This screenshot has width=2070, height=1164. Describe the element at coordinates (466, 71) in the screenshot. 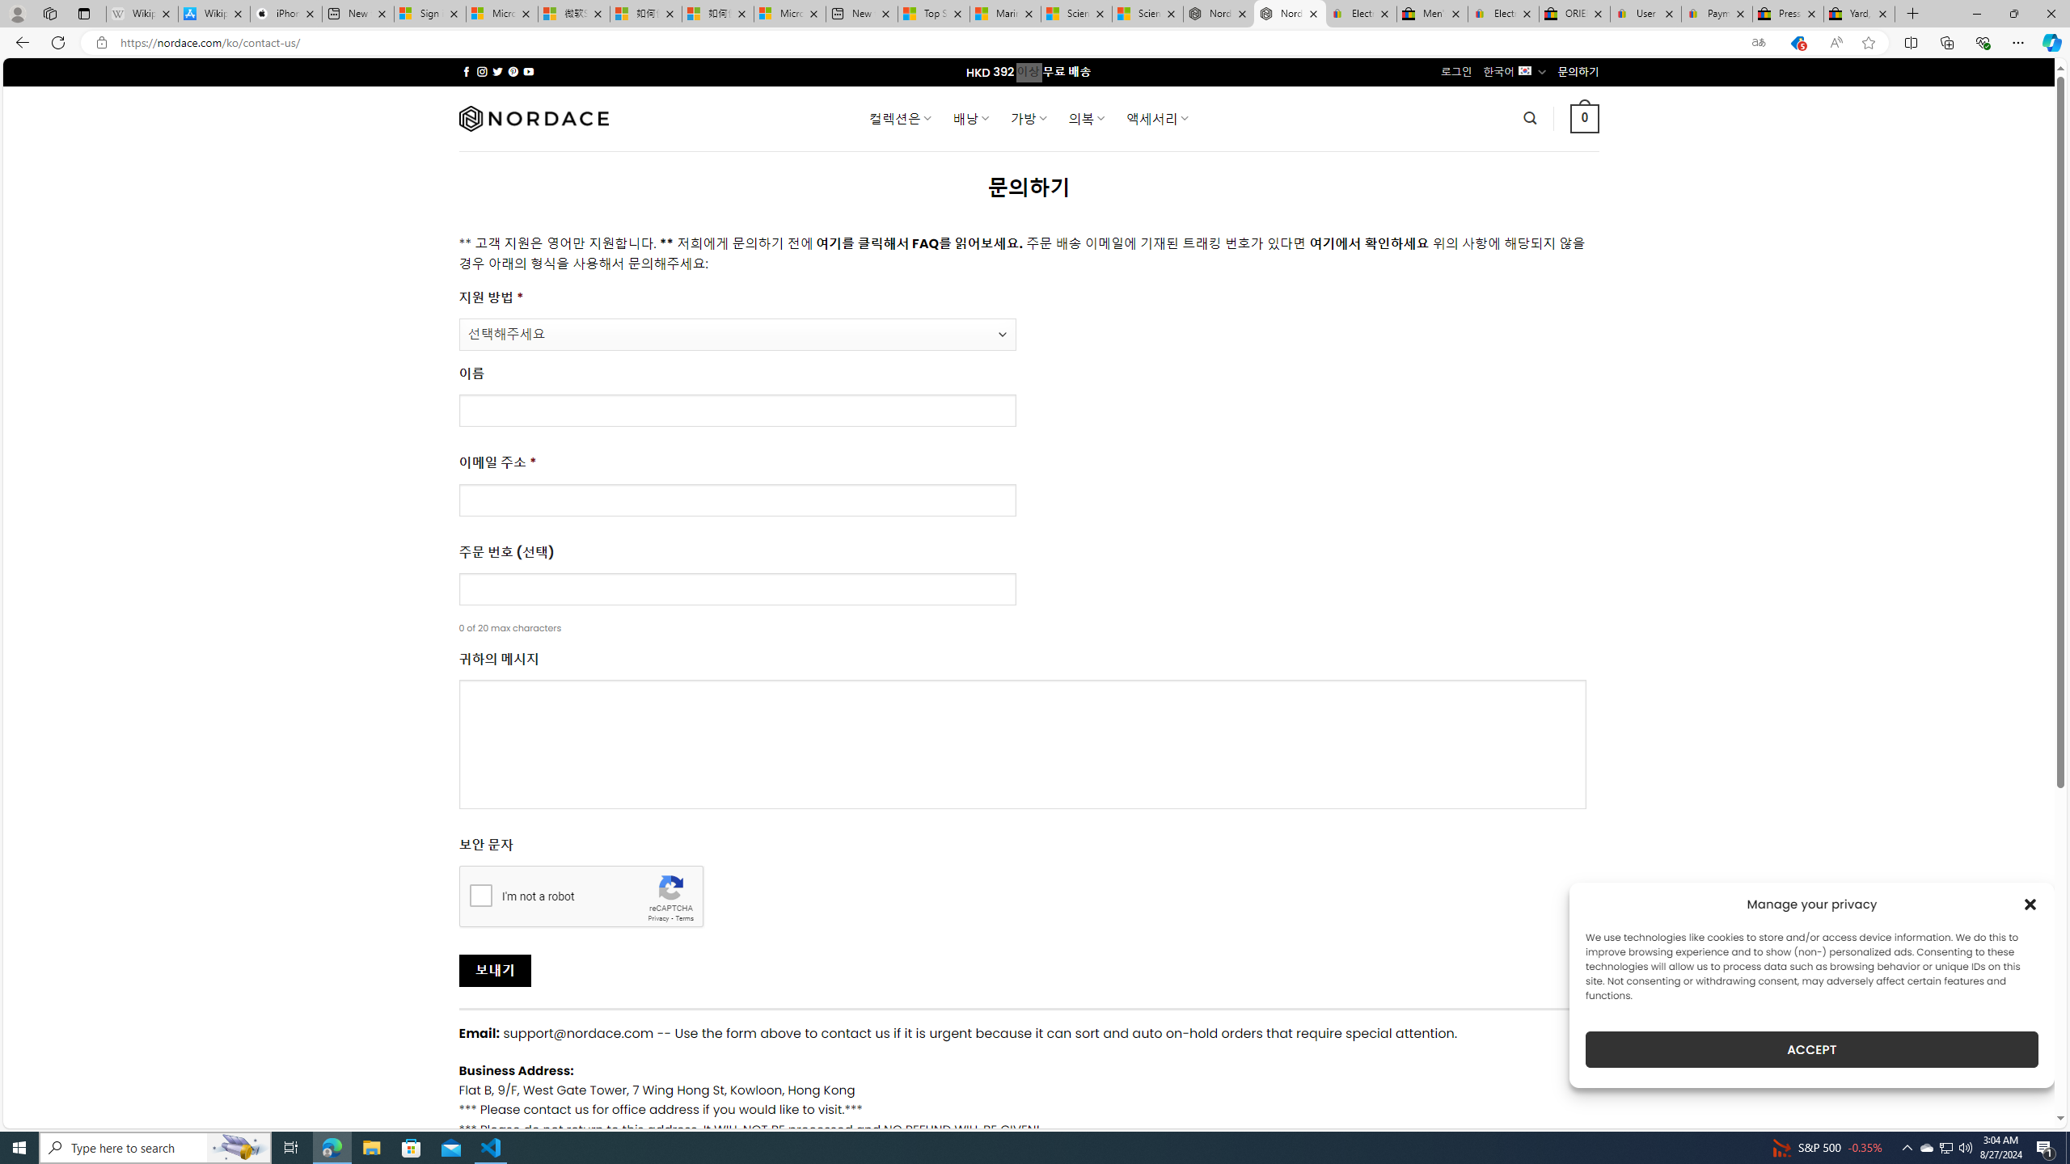

I see `'Follow on Facebook'` at that location.